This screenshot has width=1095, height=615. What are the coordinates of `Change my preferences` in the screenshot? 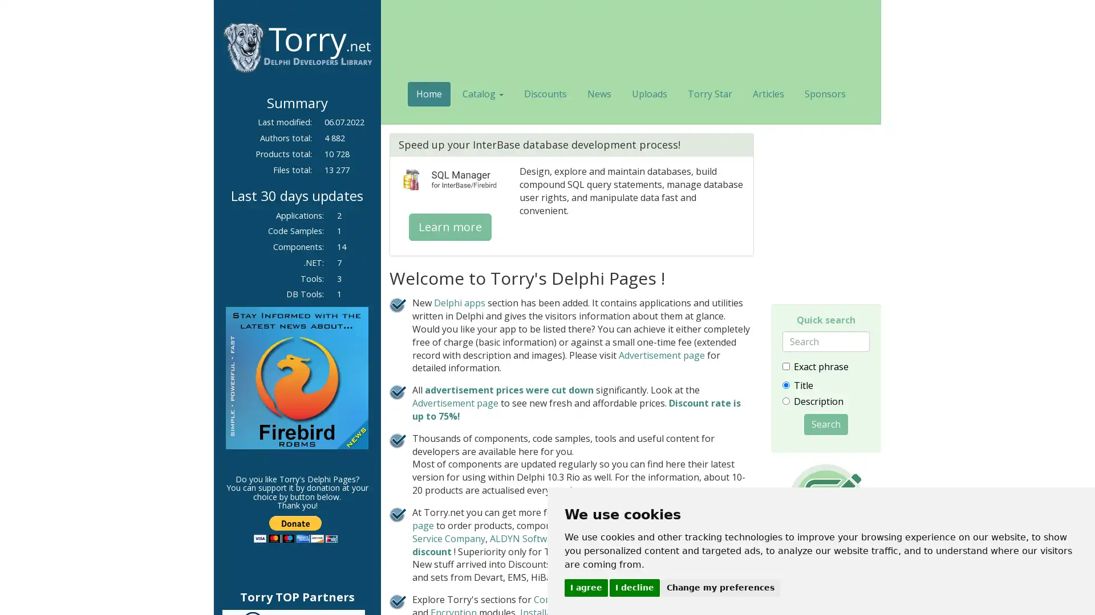 It's located at (720, 587).